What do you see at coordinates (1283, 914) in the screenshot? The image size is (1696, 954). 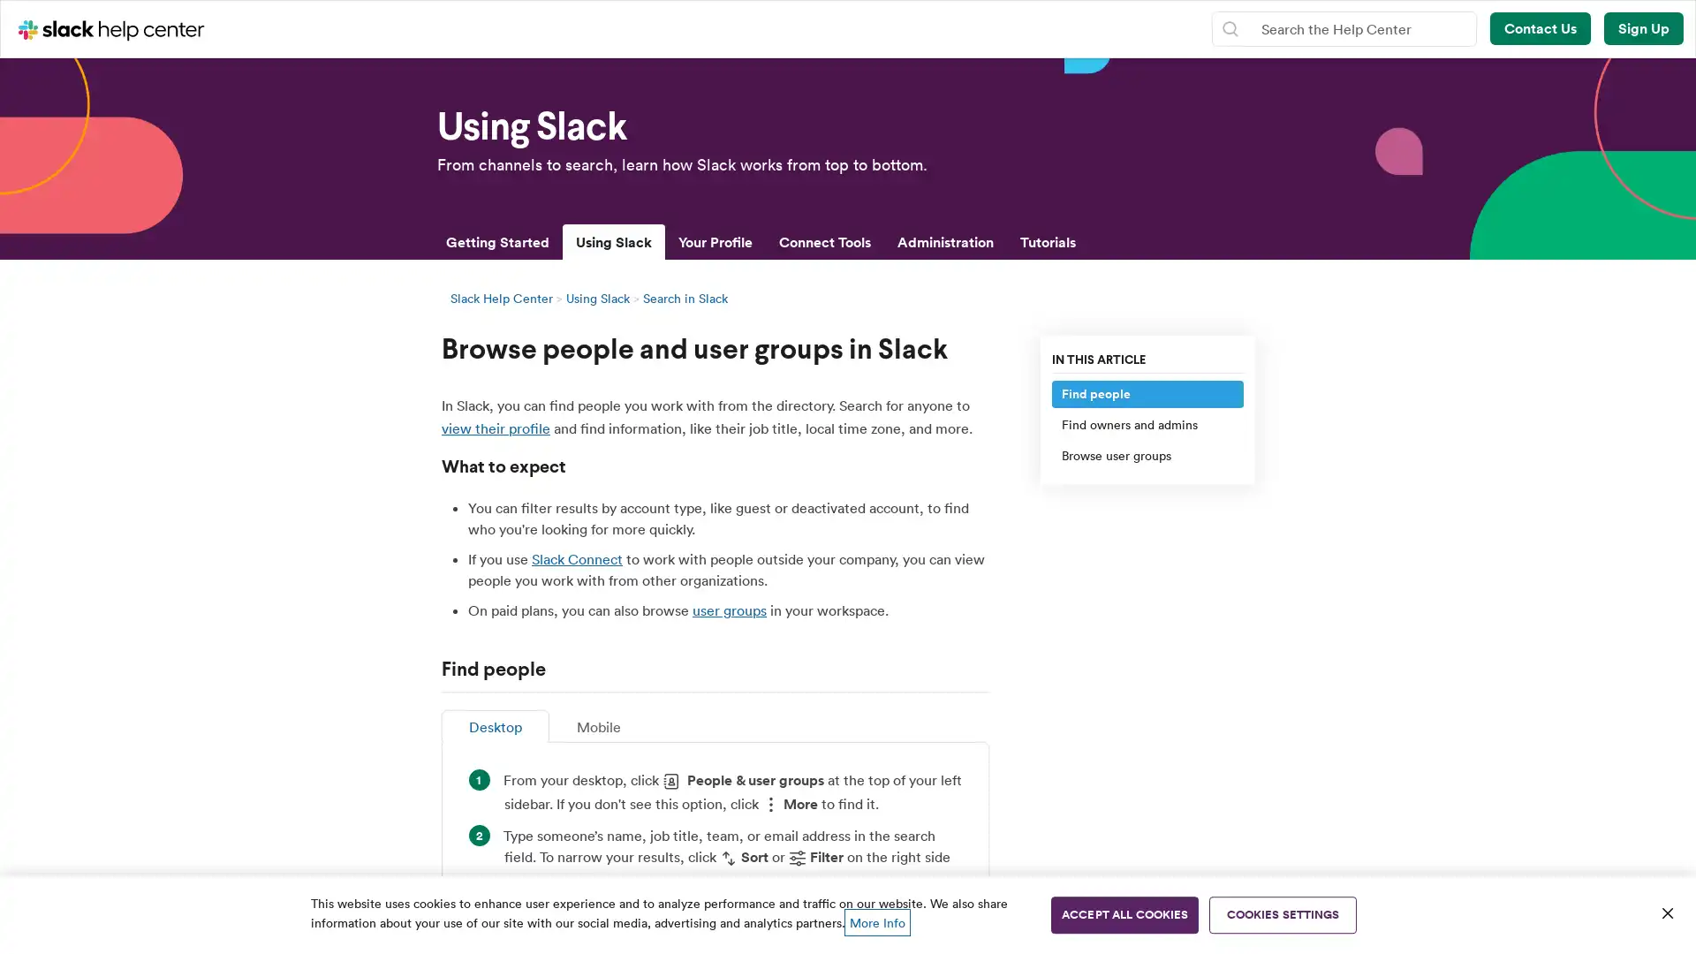 I see `COOKIES SETTINGS` at bounding box center [1283, 914].